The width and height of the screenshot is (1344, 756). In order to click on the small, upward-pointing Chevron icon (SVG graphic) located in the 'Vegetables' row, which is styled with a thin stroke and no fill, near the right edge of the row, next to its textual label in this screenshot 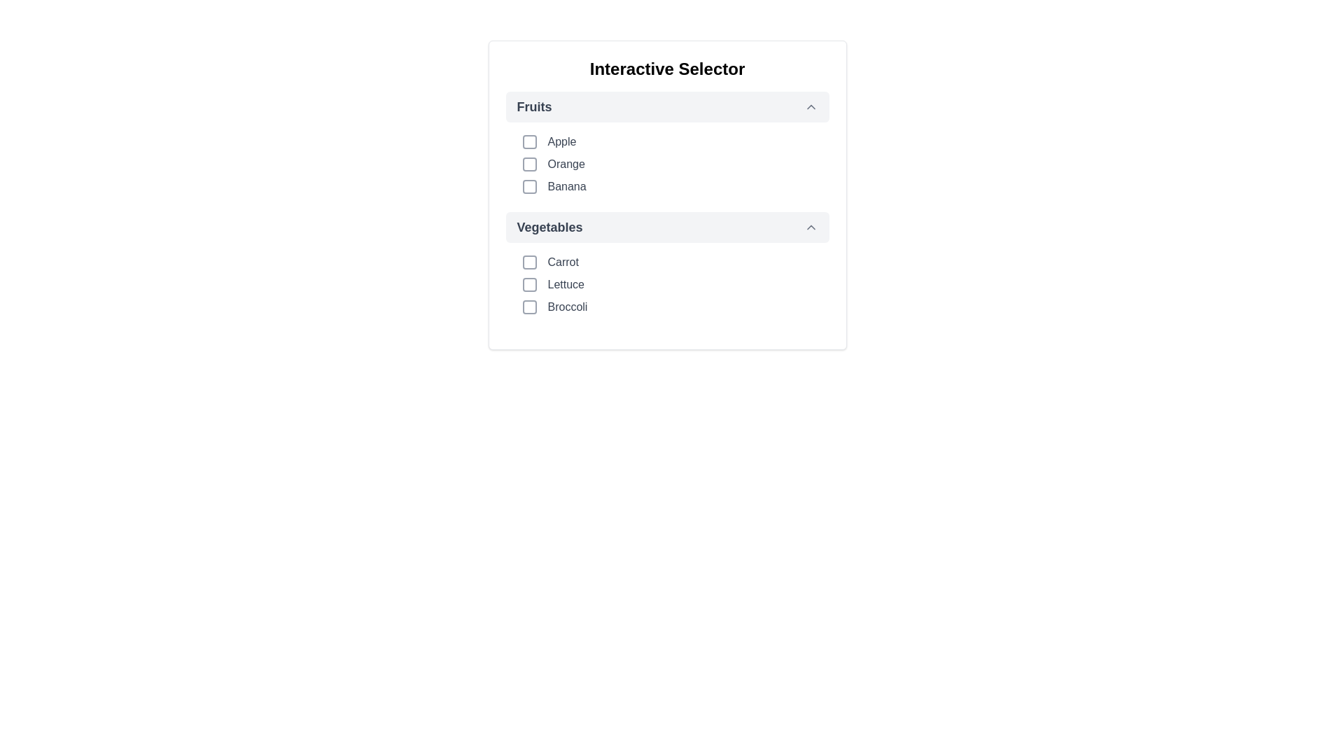, I will do `click(811, 226)`.